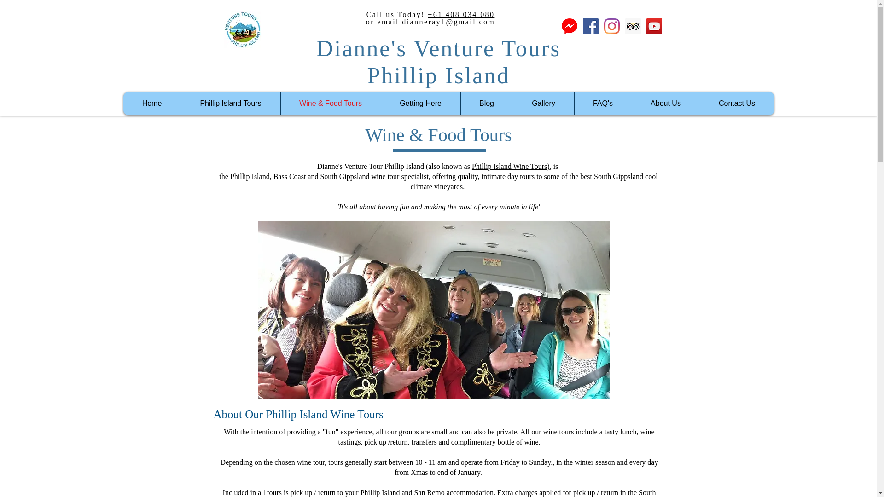  I want to click on 'Dianne's Venture Tours', so click(438, 48).